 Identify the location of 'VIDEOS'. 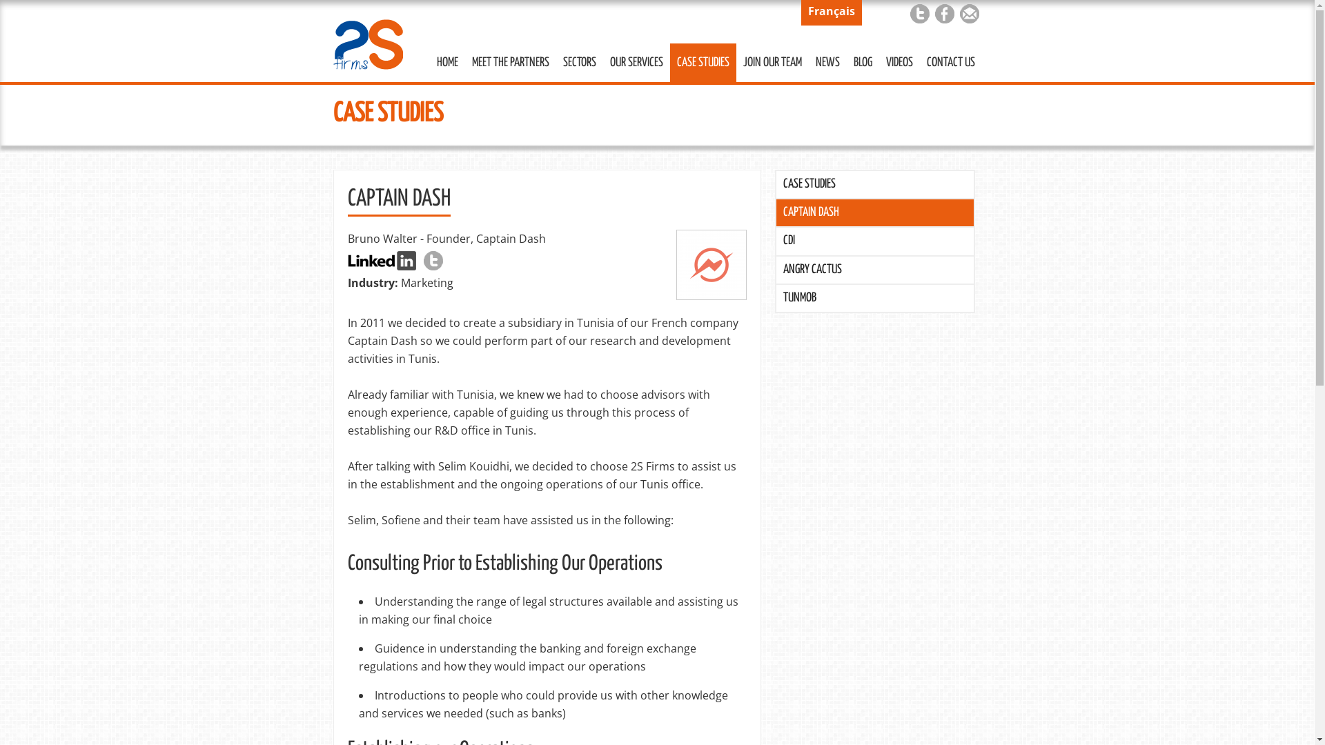
(899, 63).